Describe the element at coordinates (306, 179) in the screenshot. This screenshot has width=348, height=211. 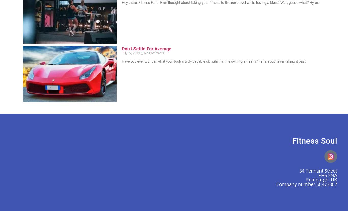
I see `'Edinburgh, UK'` at that location.